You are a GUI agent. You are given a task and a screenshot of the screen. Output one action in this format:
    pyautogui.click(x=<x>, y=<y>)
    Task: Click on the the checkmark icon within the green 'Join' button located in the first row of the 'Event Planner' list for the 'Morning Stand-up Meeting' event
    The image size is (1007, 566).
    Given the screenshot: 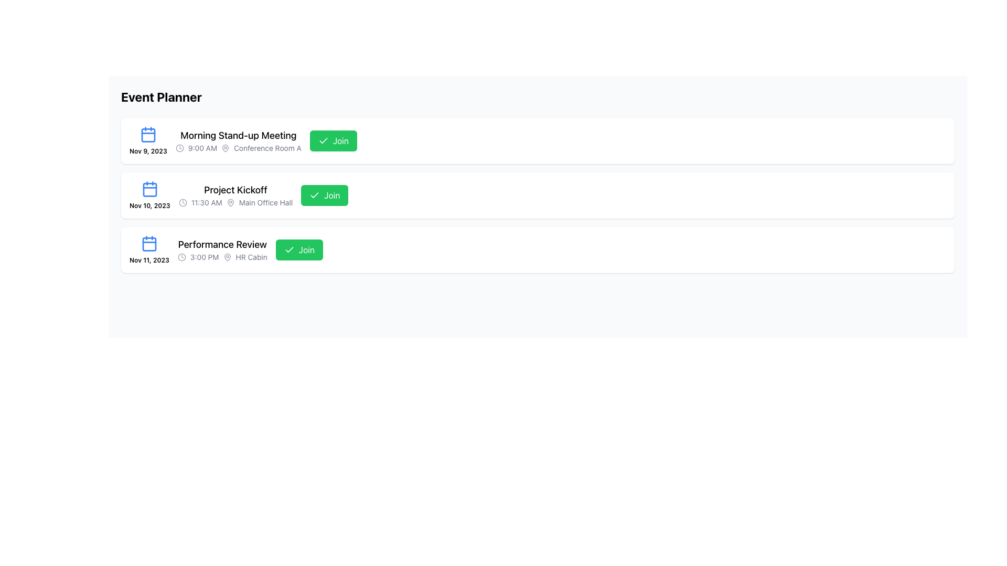 What is the action you would take?
    pyautogui.click(x=323, y=140)
    